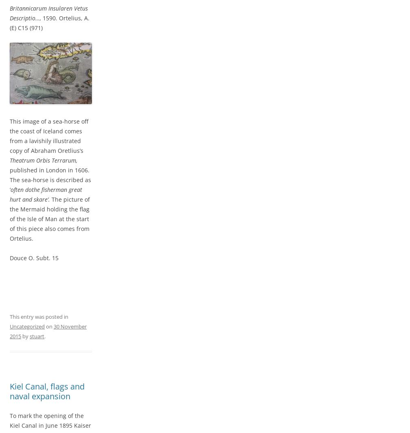 The image size is (410, 433). I want to click on 'often dothe fisherman great hurt and skare’.', so click(46, 194).